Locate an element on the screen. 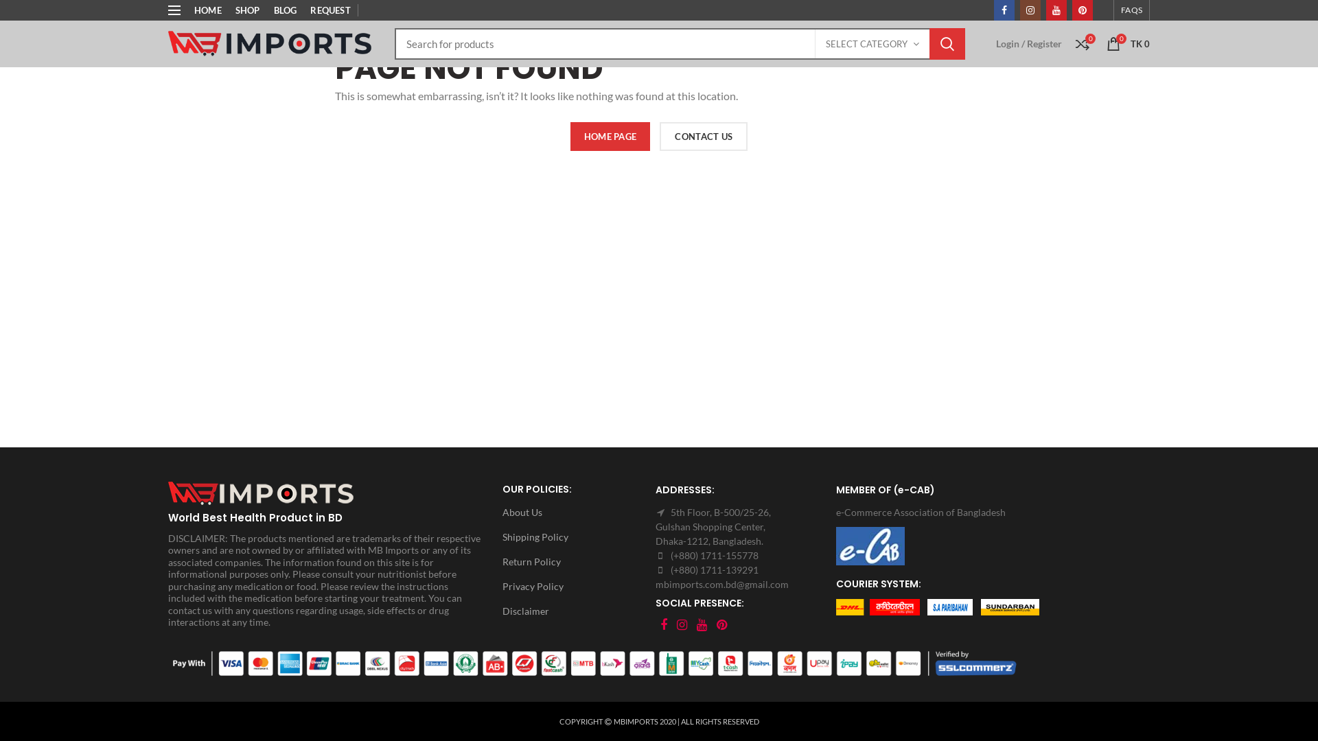 This screenshot has width=1318, height=741. 'Shipping Policy' is located at coordinates (575, 537).